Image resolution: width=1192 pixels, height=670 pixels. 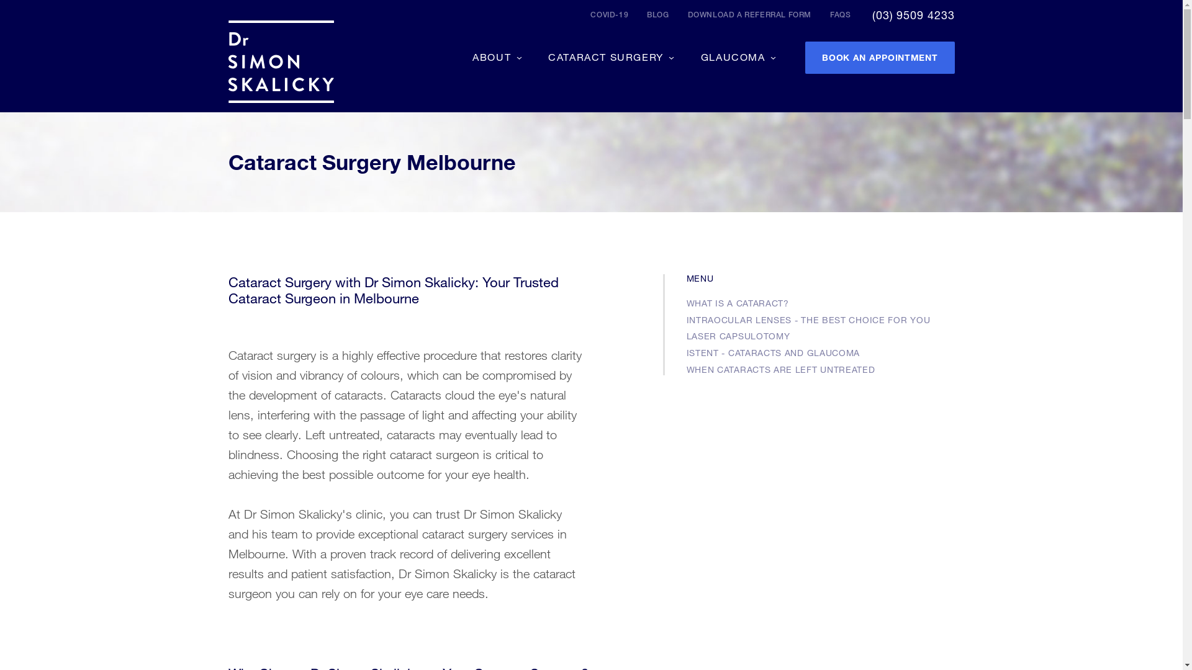 What do you see at coordinates (872, 14) in the screenshot?
I see `'(03) 9509 4233'` at bounding box center [872, 14].